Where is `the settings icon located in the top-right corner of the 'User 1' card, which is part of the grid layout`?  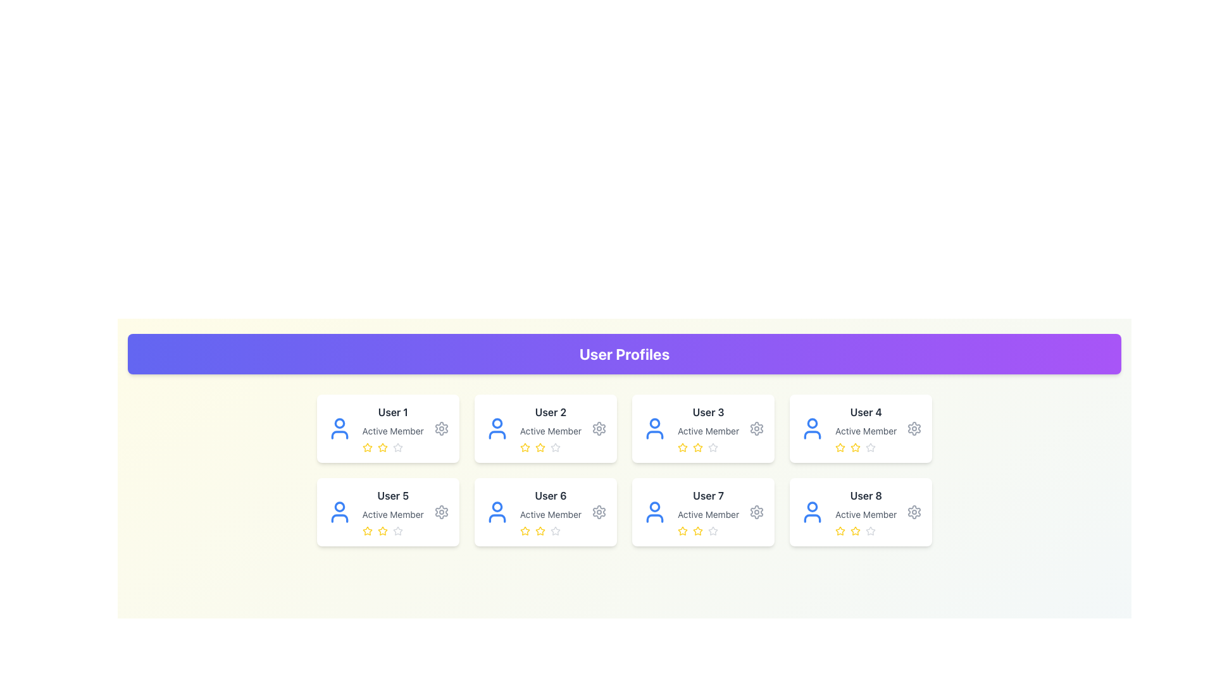 the settings icon located in the top-right corner of the 'User 1' card, which is part of the grid layout is located at coordinates (441, 428).